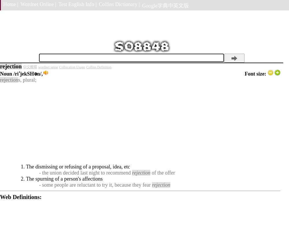  I want to click on 'Collocation Usage', so click(71, 67).